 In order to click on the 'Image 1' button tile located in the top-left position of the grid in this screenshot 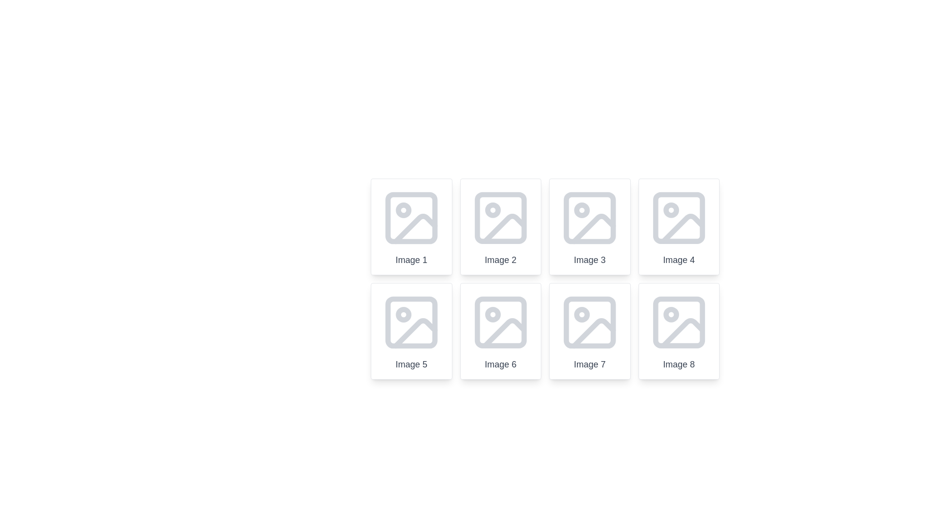, I will do `click(411, 227)`.